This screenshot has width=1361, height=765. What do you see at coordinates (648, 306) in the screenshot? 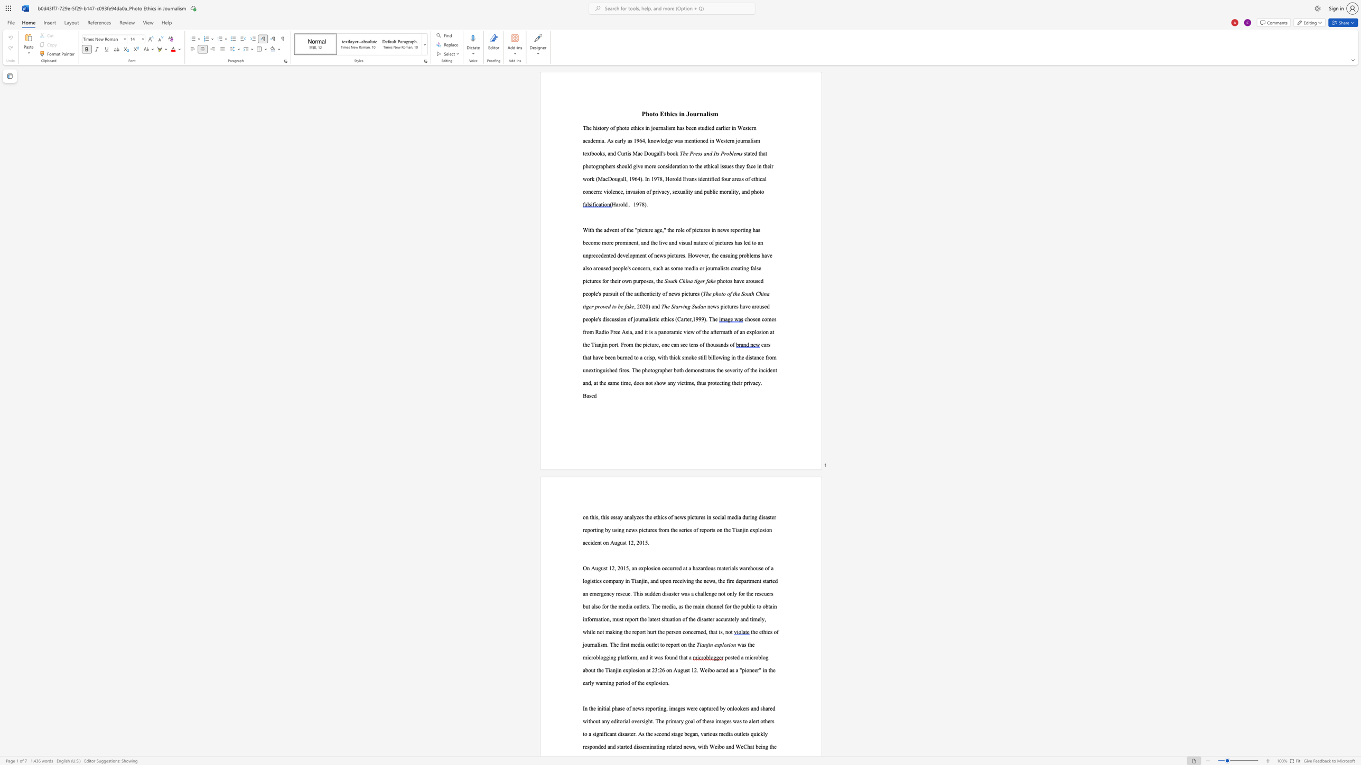
I see `the subset text ") and" within the text ", 2020) and"` at bounding box center [648, 306].